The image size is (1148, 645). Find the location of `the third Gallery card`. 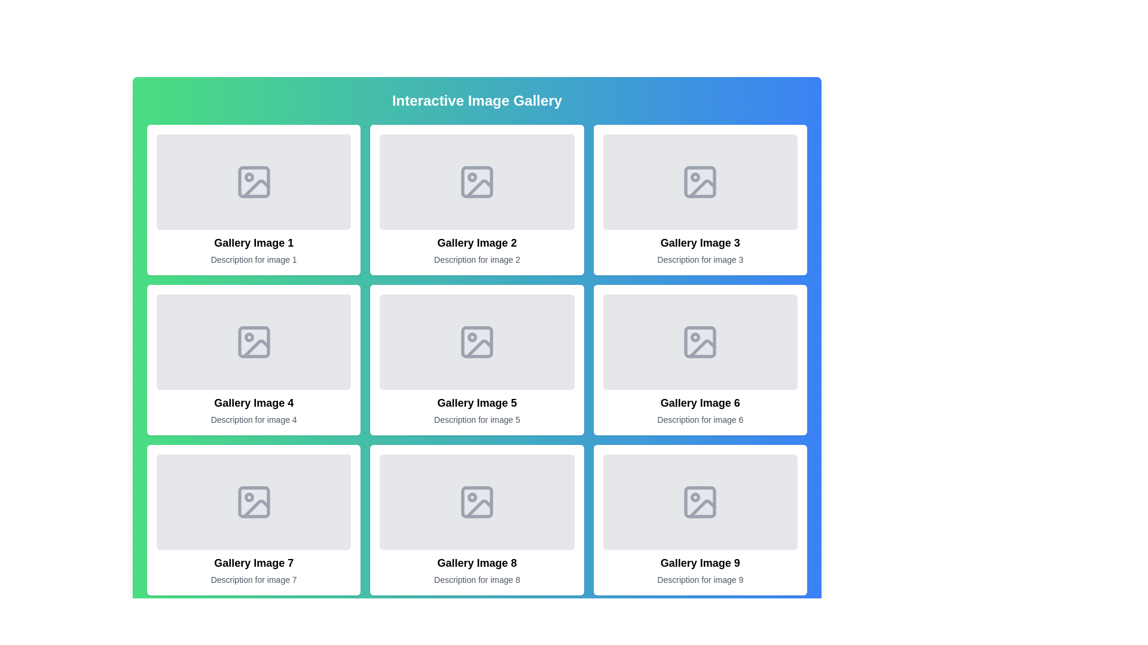

the third Gallery card is located at coordinates (700, 199).